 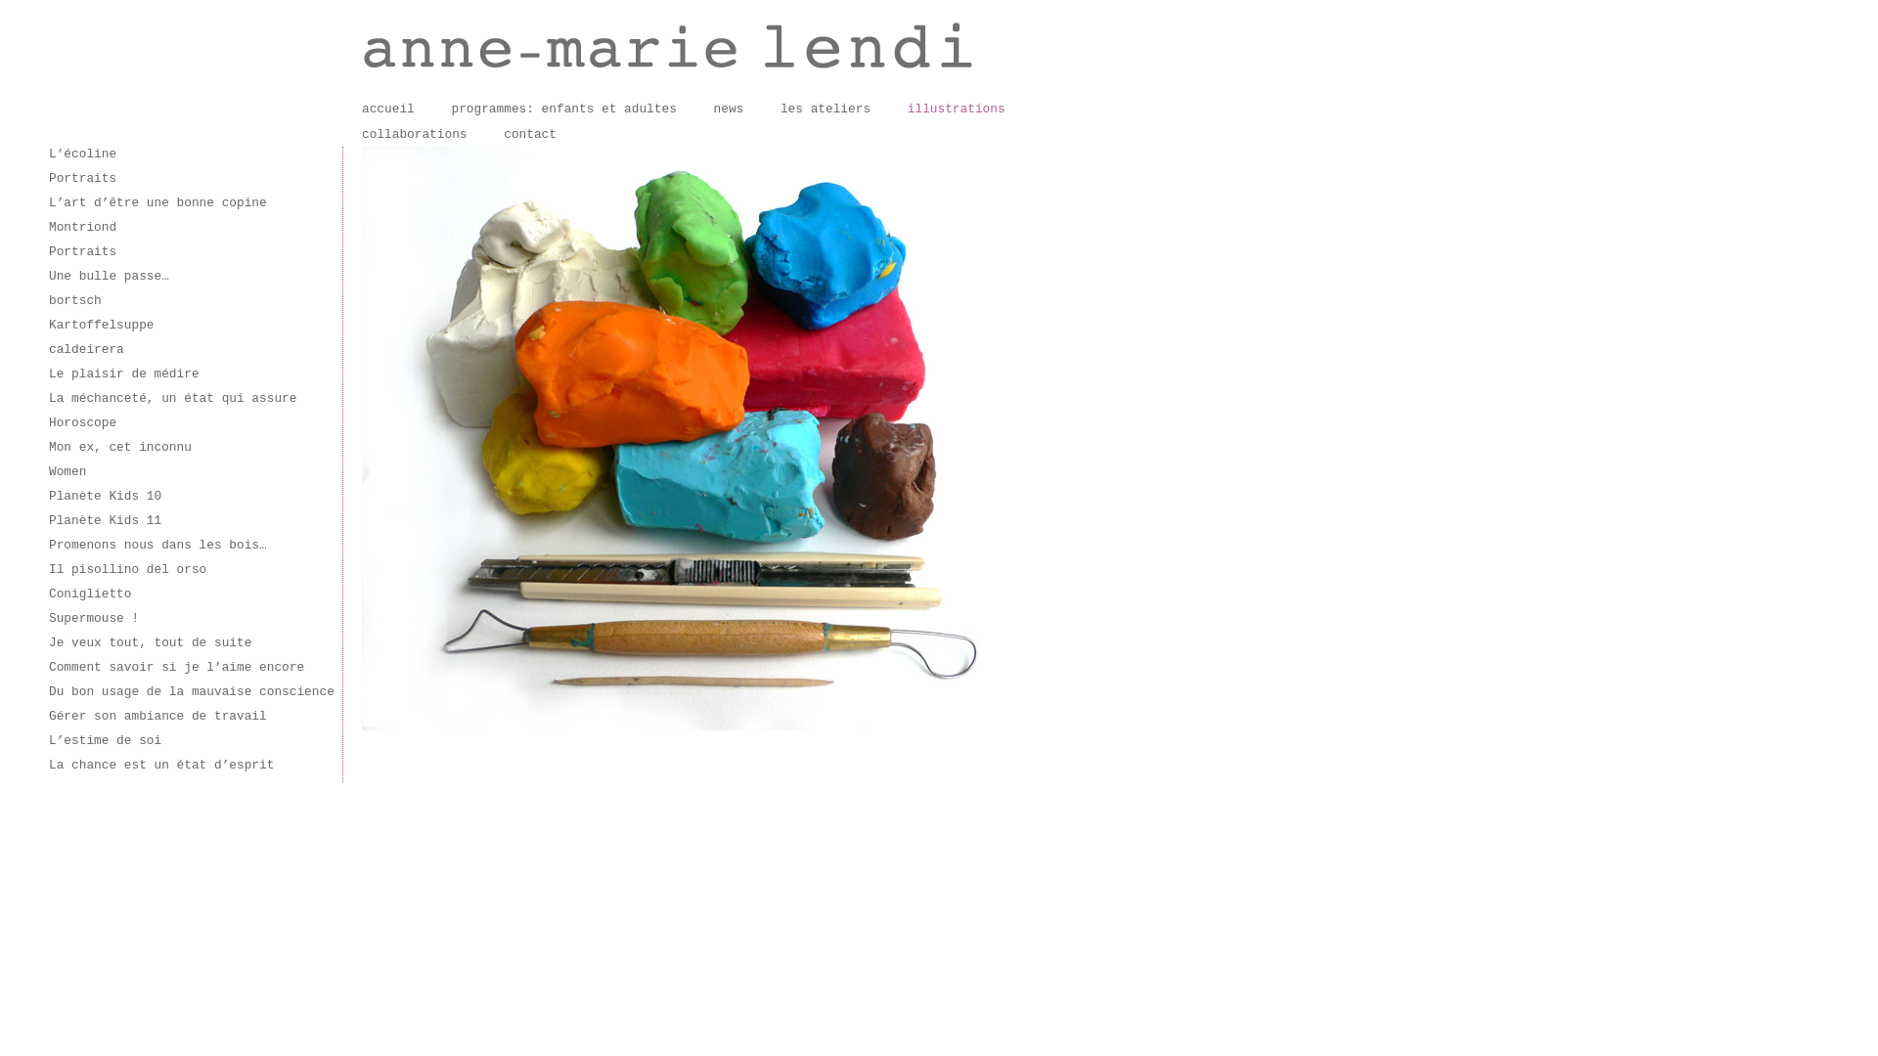 I want to click on 'Il pisollino del orso', so click(x=126, y=569).